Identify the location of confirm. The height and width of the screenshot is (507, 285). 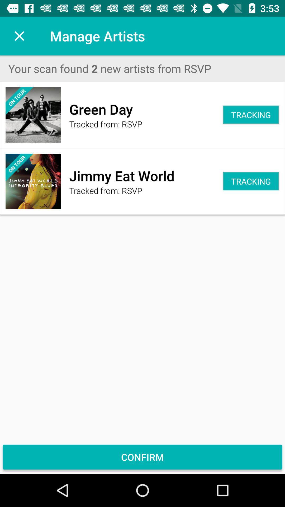
(142, 457).